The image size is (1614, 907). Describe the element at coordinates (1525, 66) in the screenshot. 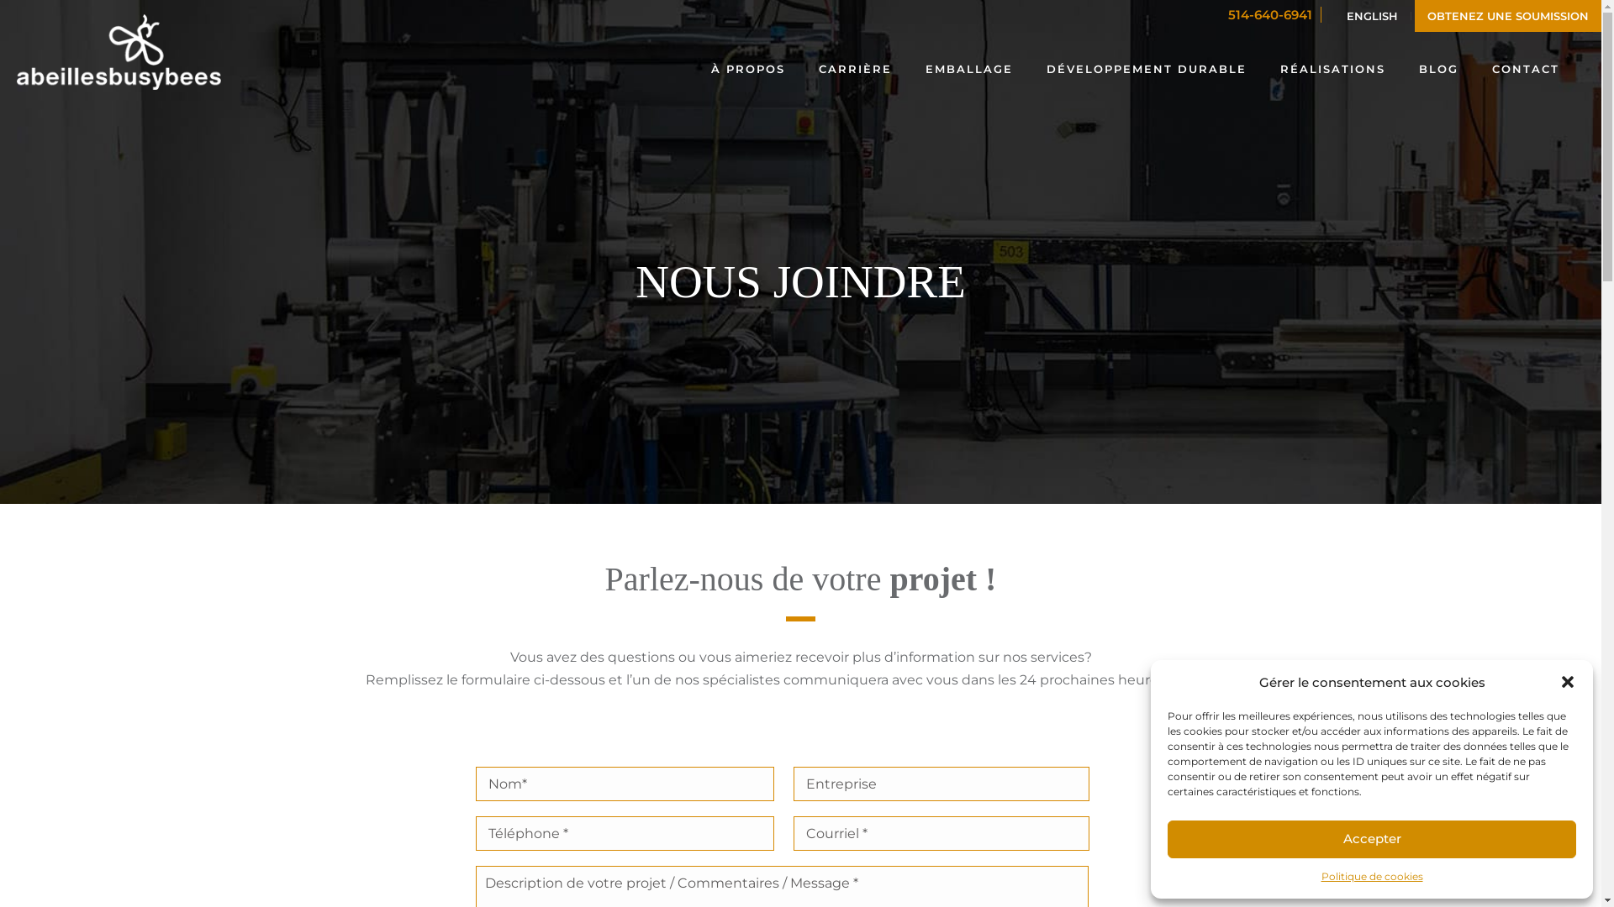

I see `'CONTACT'` at that location.